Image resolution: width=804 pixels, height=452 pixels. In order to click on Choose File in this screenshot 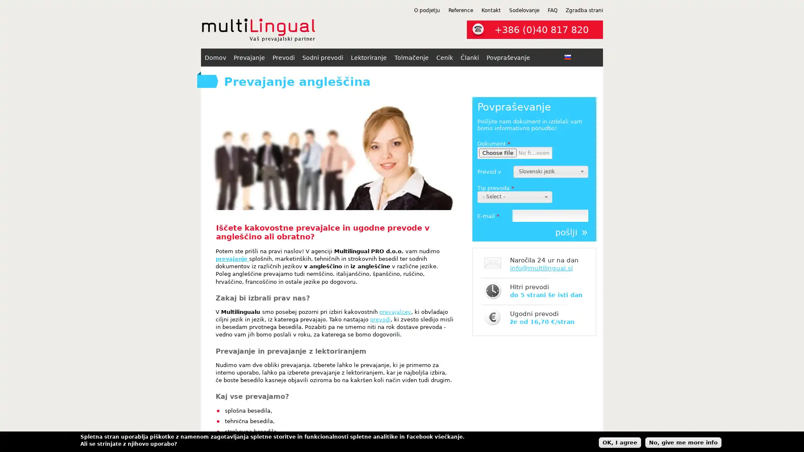, I will do `click(498, 153)`.